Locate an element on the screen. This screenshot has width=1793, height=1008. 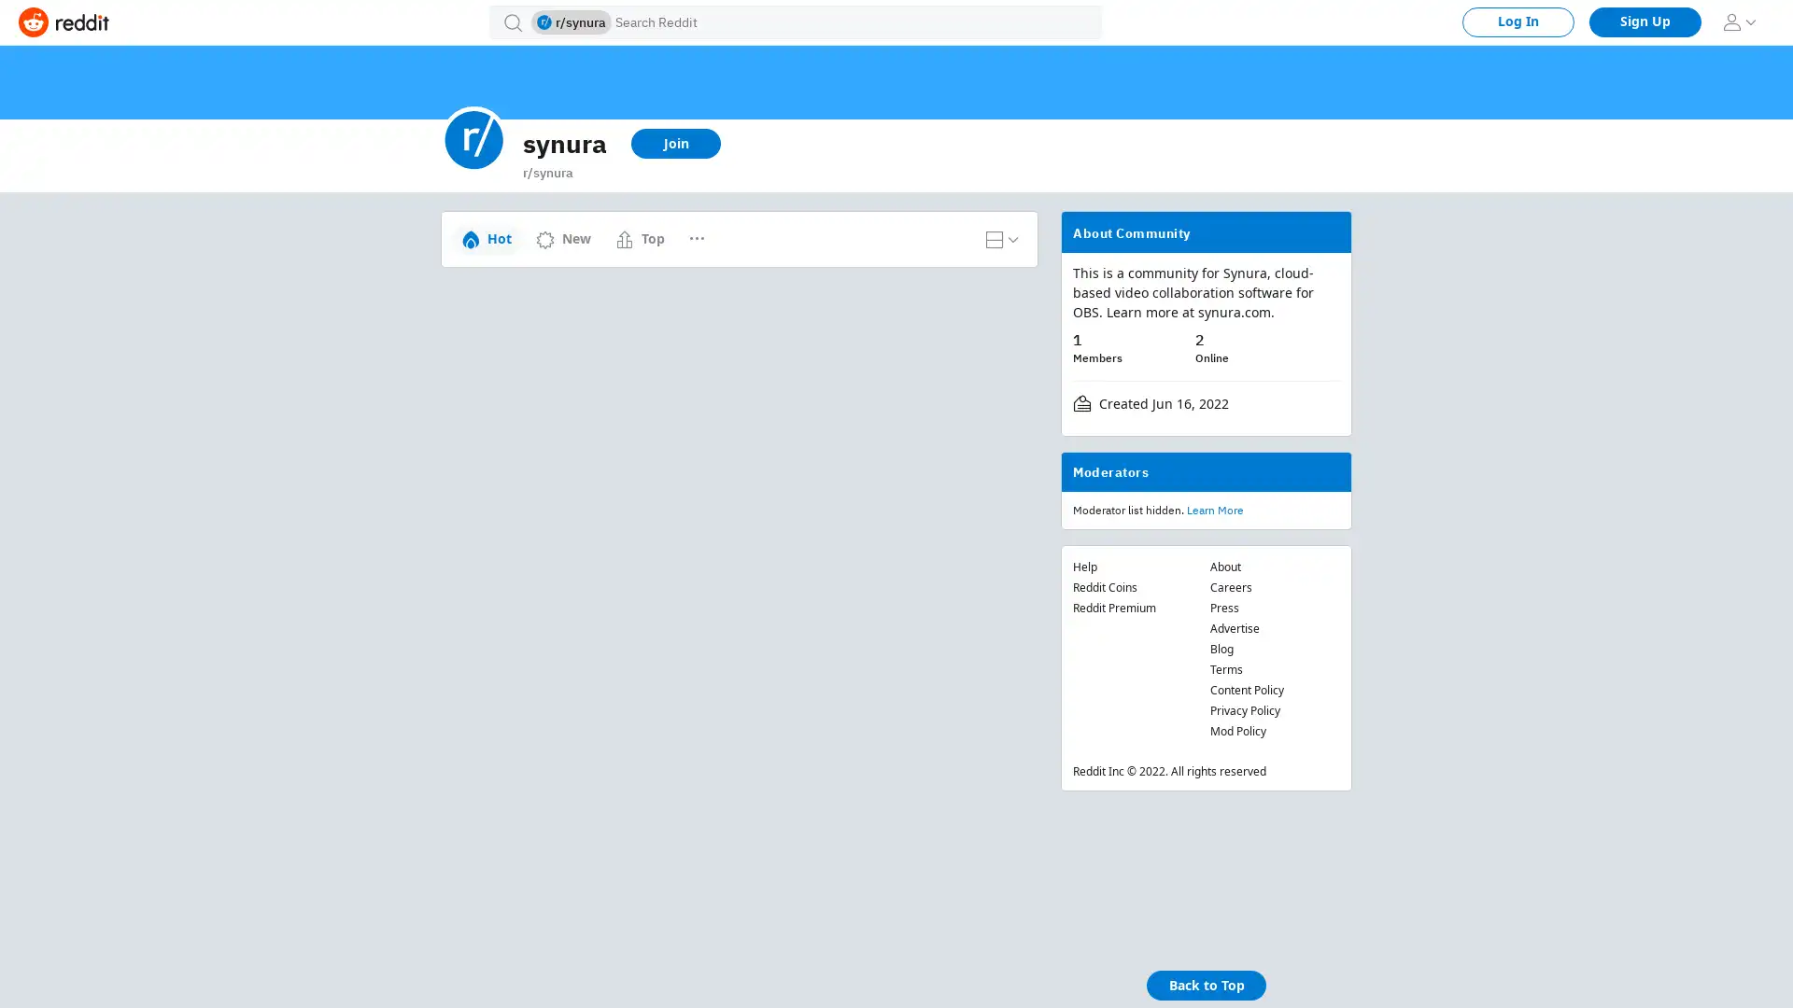
upvote is located at coordinates (460, 301).